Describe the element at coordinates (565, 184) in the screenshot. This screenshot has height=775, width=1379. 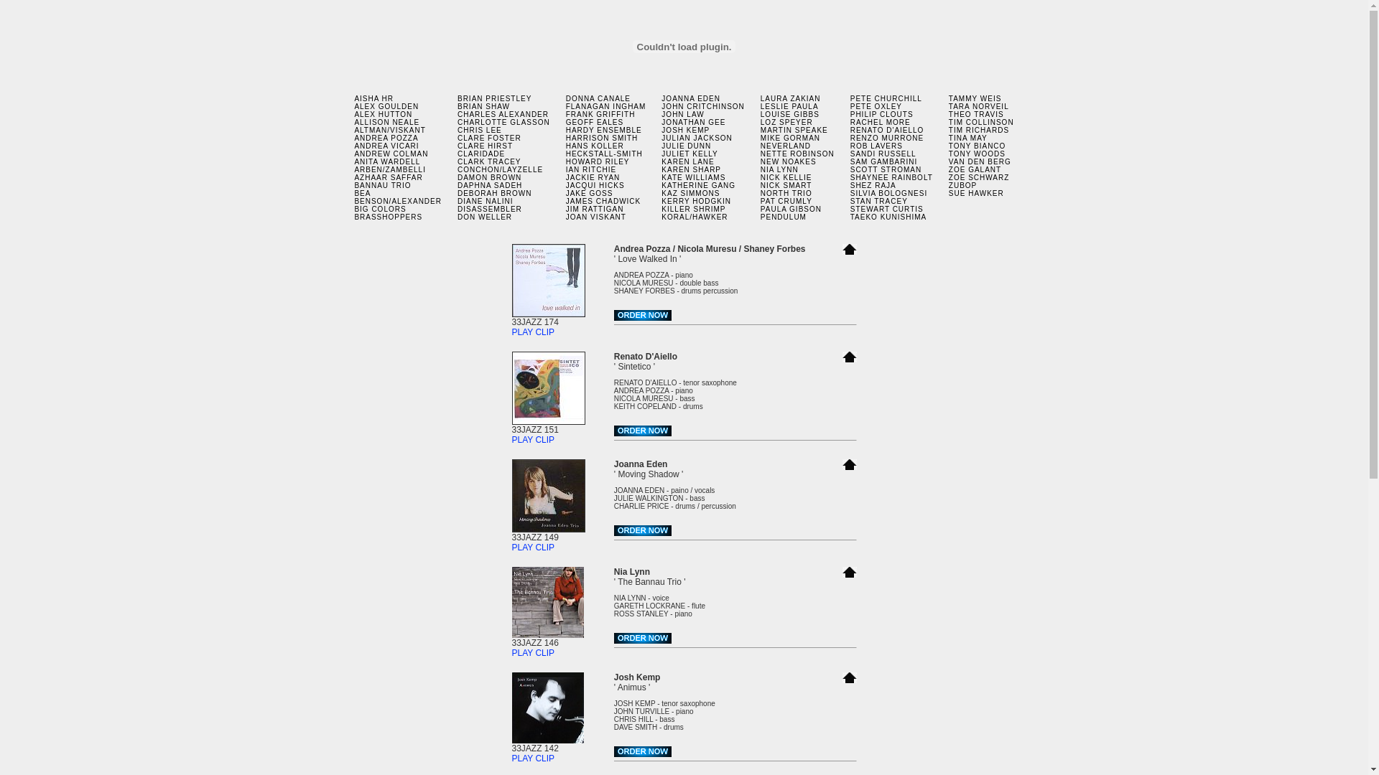
I see `'JACQUI HICKS'` at that location.